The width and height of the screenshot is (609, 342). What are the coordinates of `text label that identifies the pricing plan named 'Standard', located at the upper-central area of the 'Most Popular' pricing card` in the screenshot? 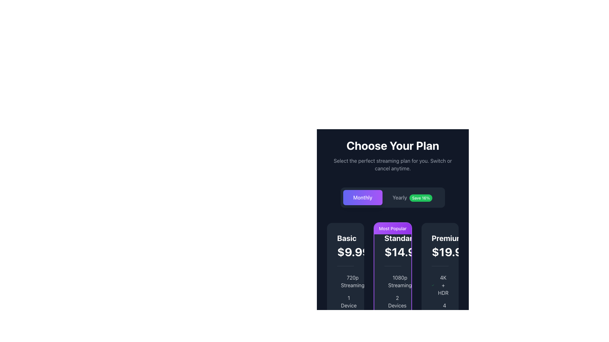 It's located at (392, 238).